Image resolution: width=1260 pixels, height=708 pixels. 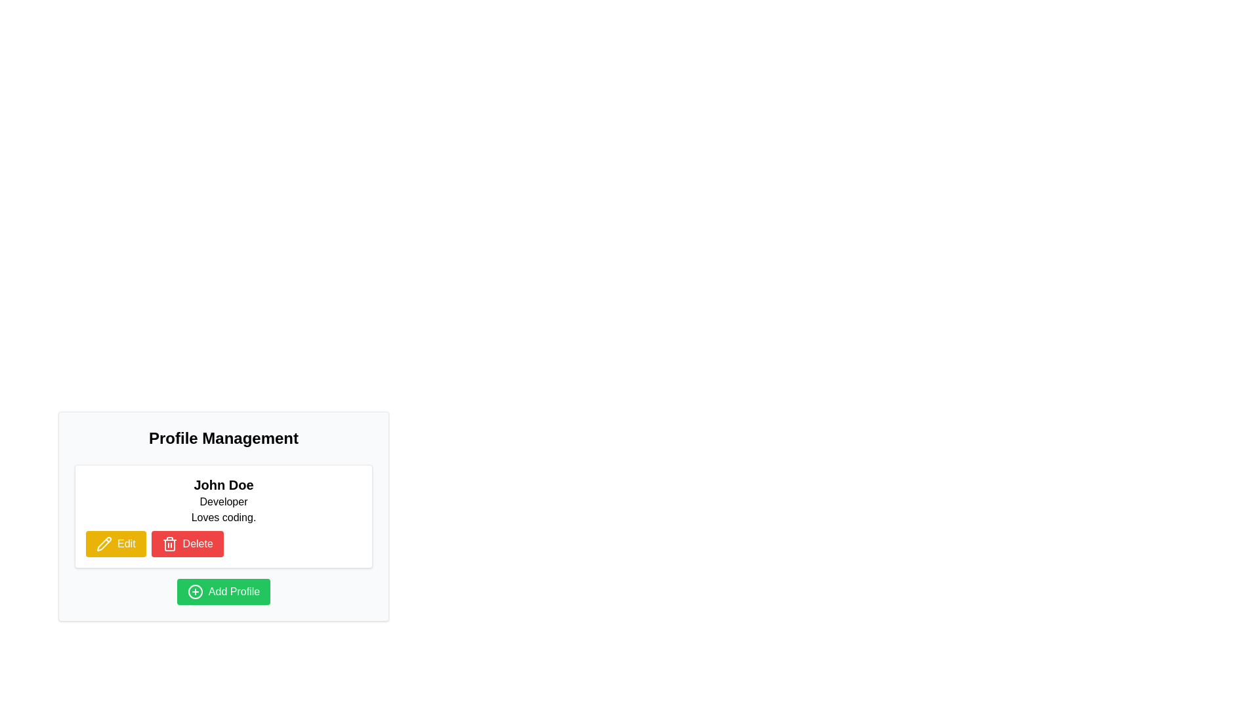 I want to click on the 'Add Profile' button which contains the decorative SVG Circle graphic positioned centrally within the button, so click(x=194, y=591).